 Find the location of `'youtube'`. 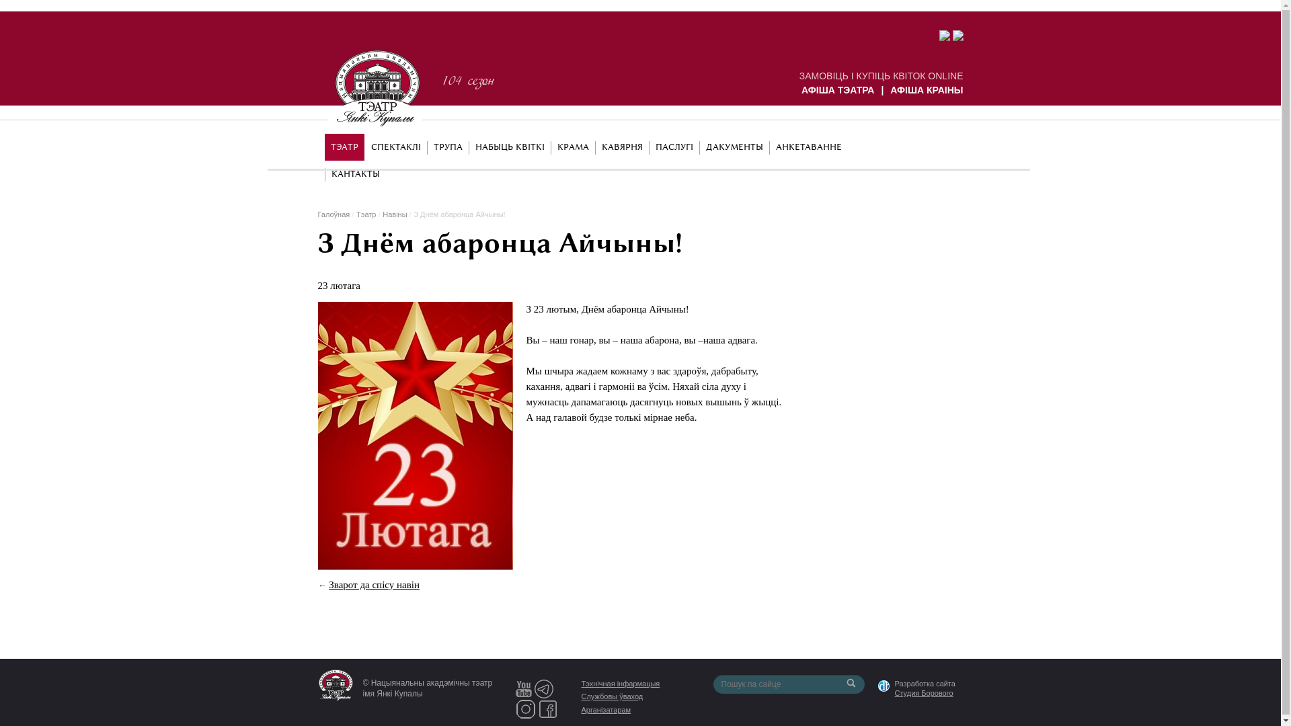

'youtube' is located at coordinates (522, 687).